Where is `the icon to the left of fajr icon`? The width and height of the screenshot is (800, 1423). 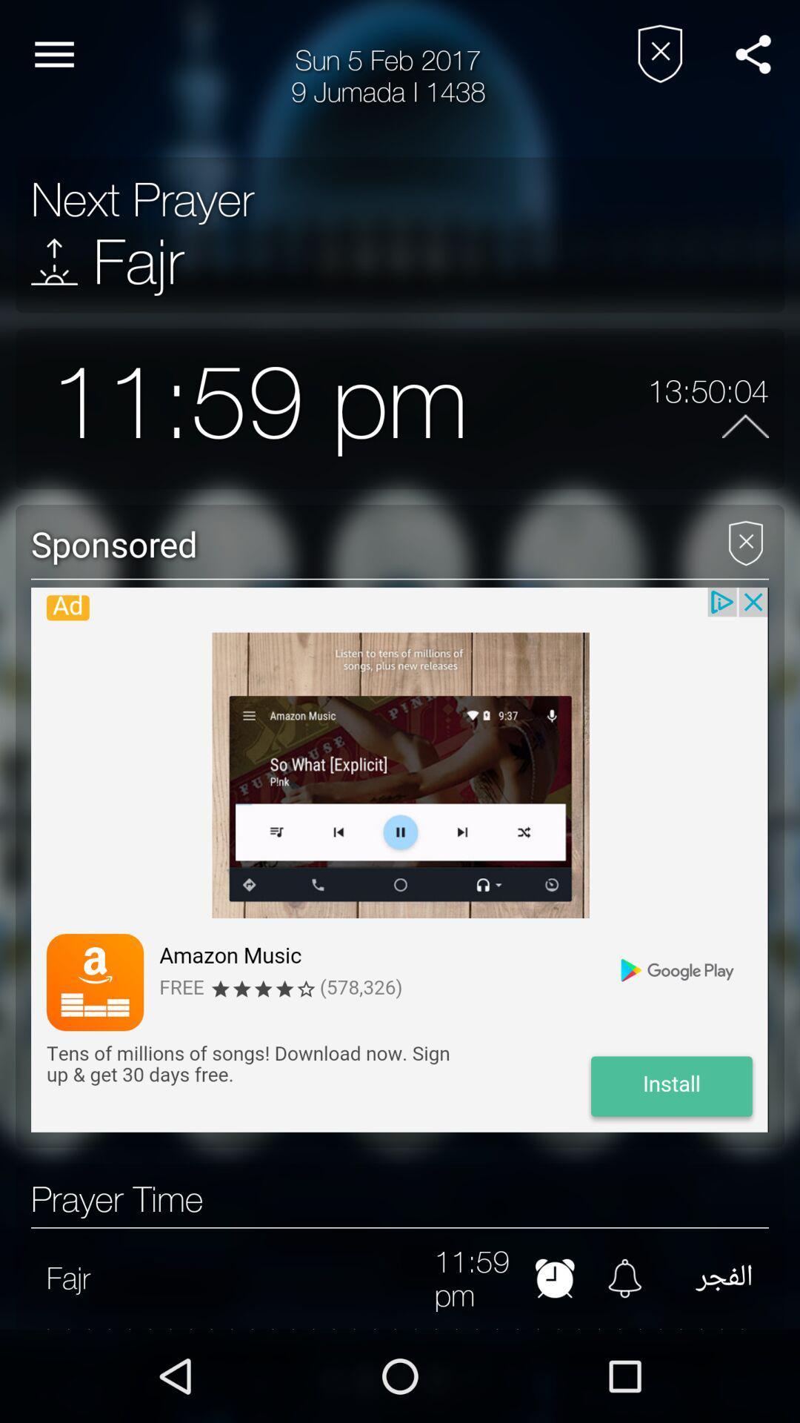 the icon to the left of fajr icon is located at coordinates (53, 262).